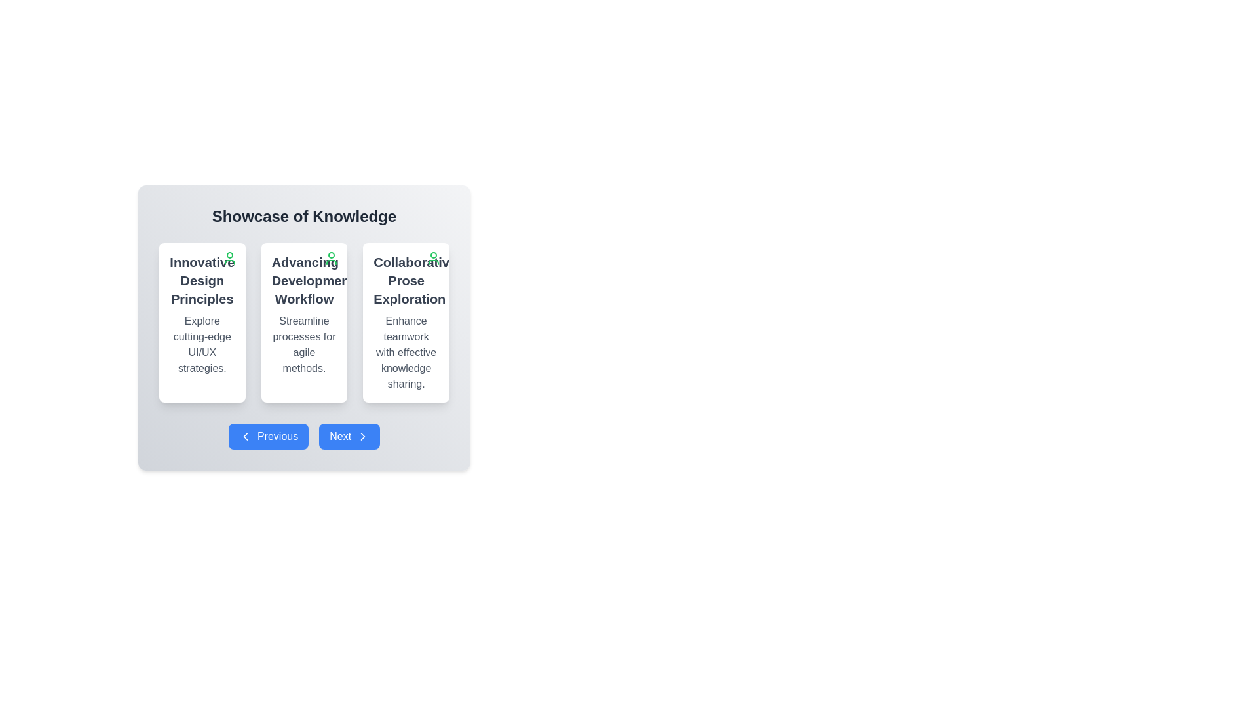  I want to click on the Chevron Icon, which is located in the middle-right position of the 'Next' button in the bottom row of the card showcase interface, to trigger potential visual feedback, so click(363, 437).